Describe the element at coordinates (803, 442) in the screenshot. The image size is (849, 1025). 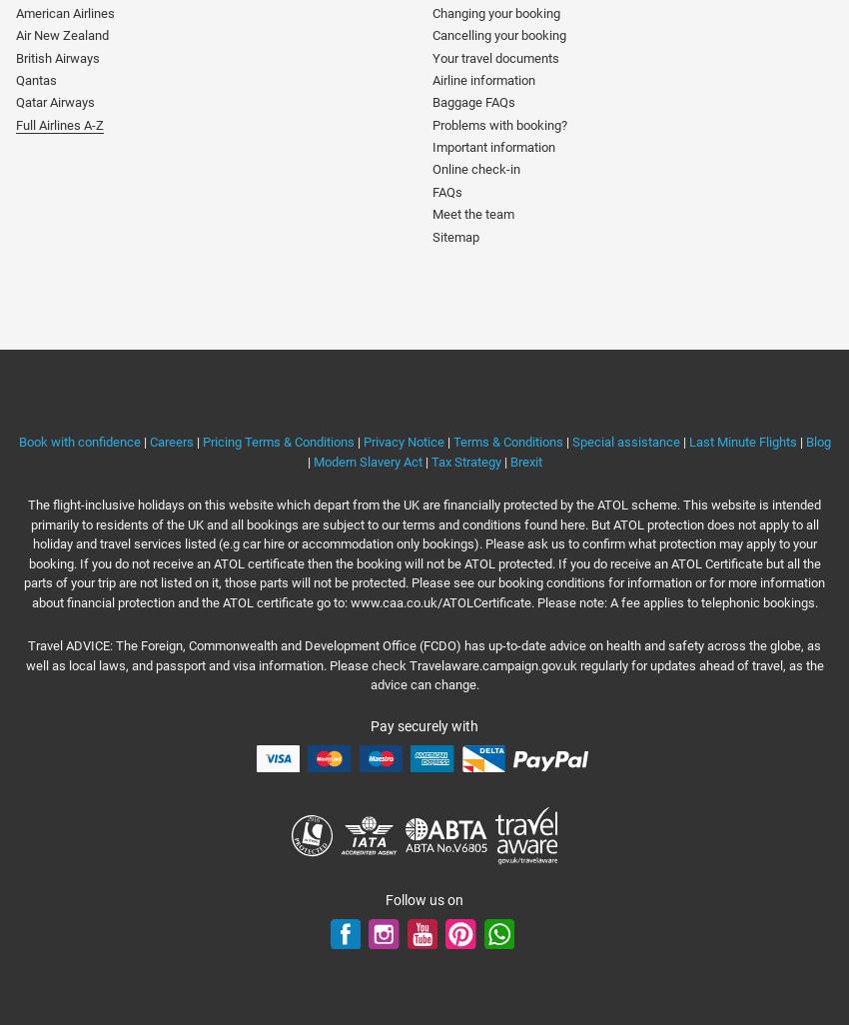
I see `'Blog'` at that location.